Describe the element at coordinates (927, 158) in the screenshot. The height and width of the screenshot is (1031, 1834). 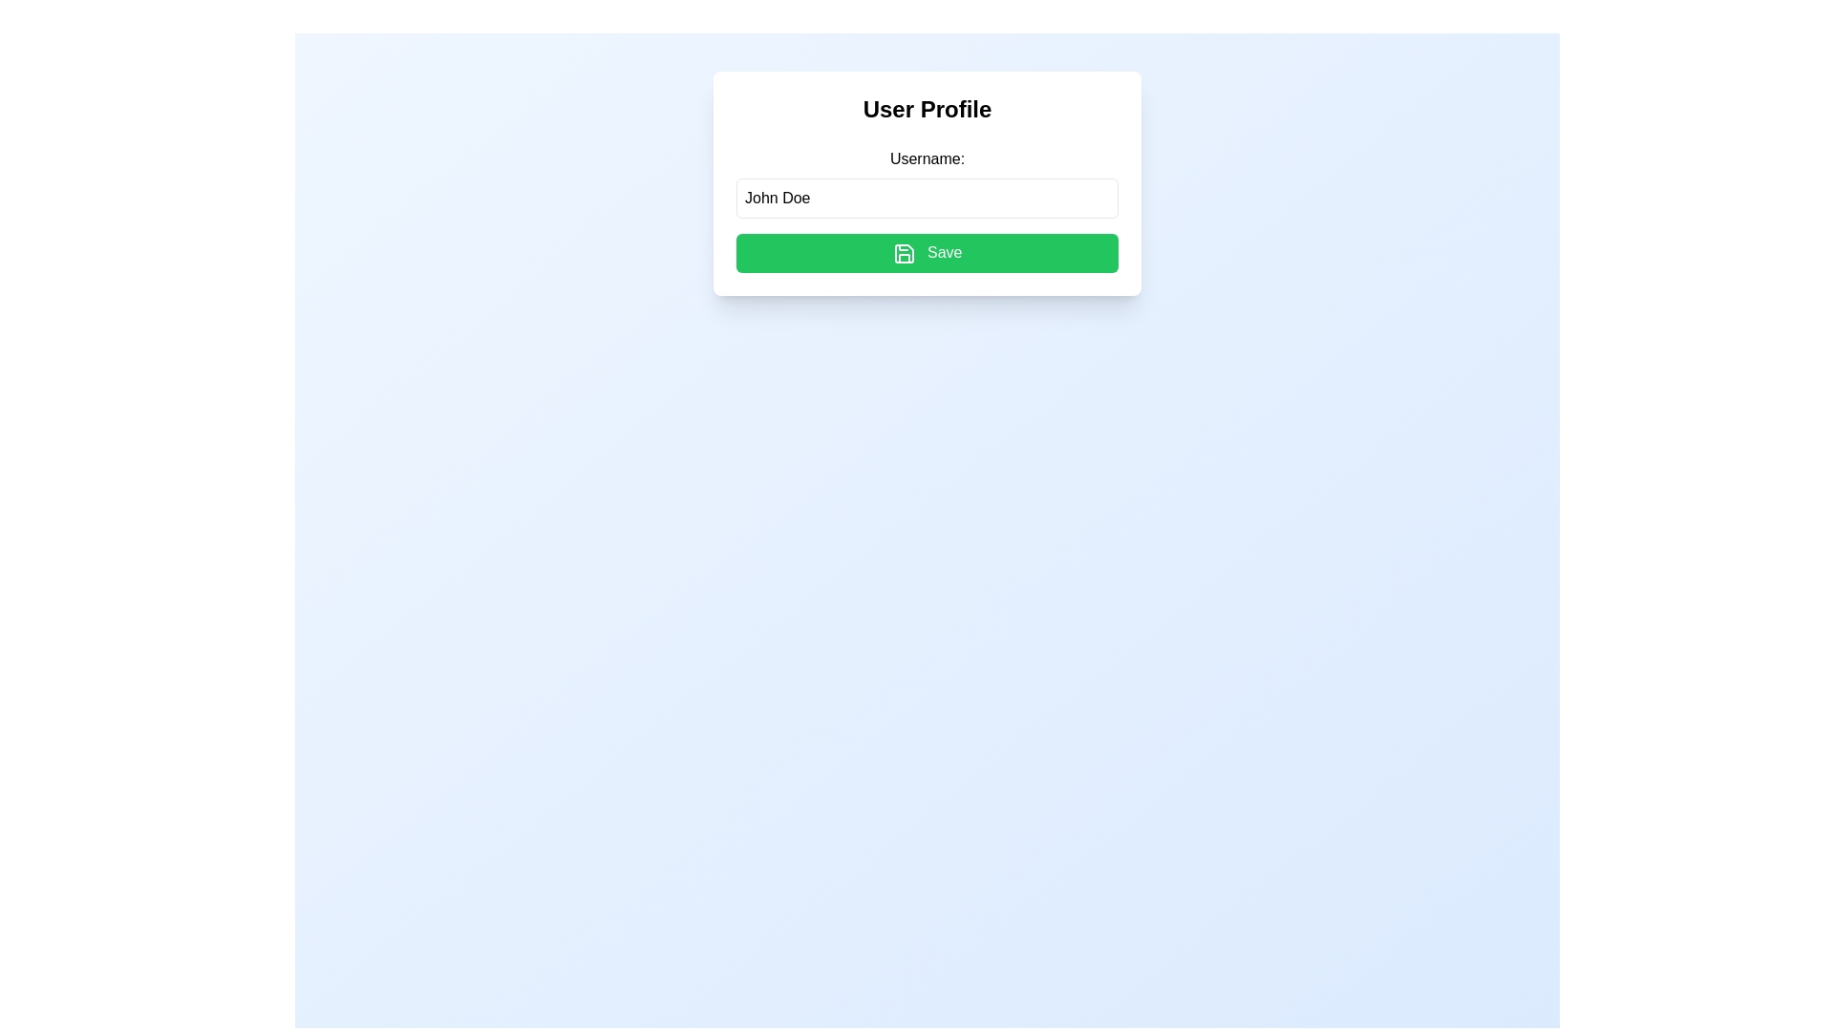
I see `the Text Label that describes the username input field located in the top section of the 'User Profile' card interface` at that location.